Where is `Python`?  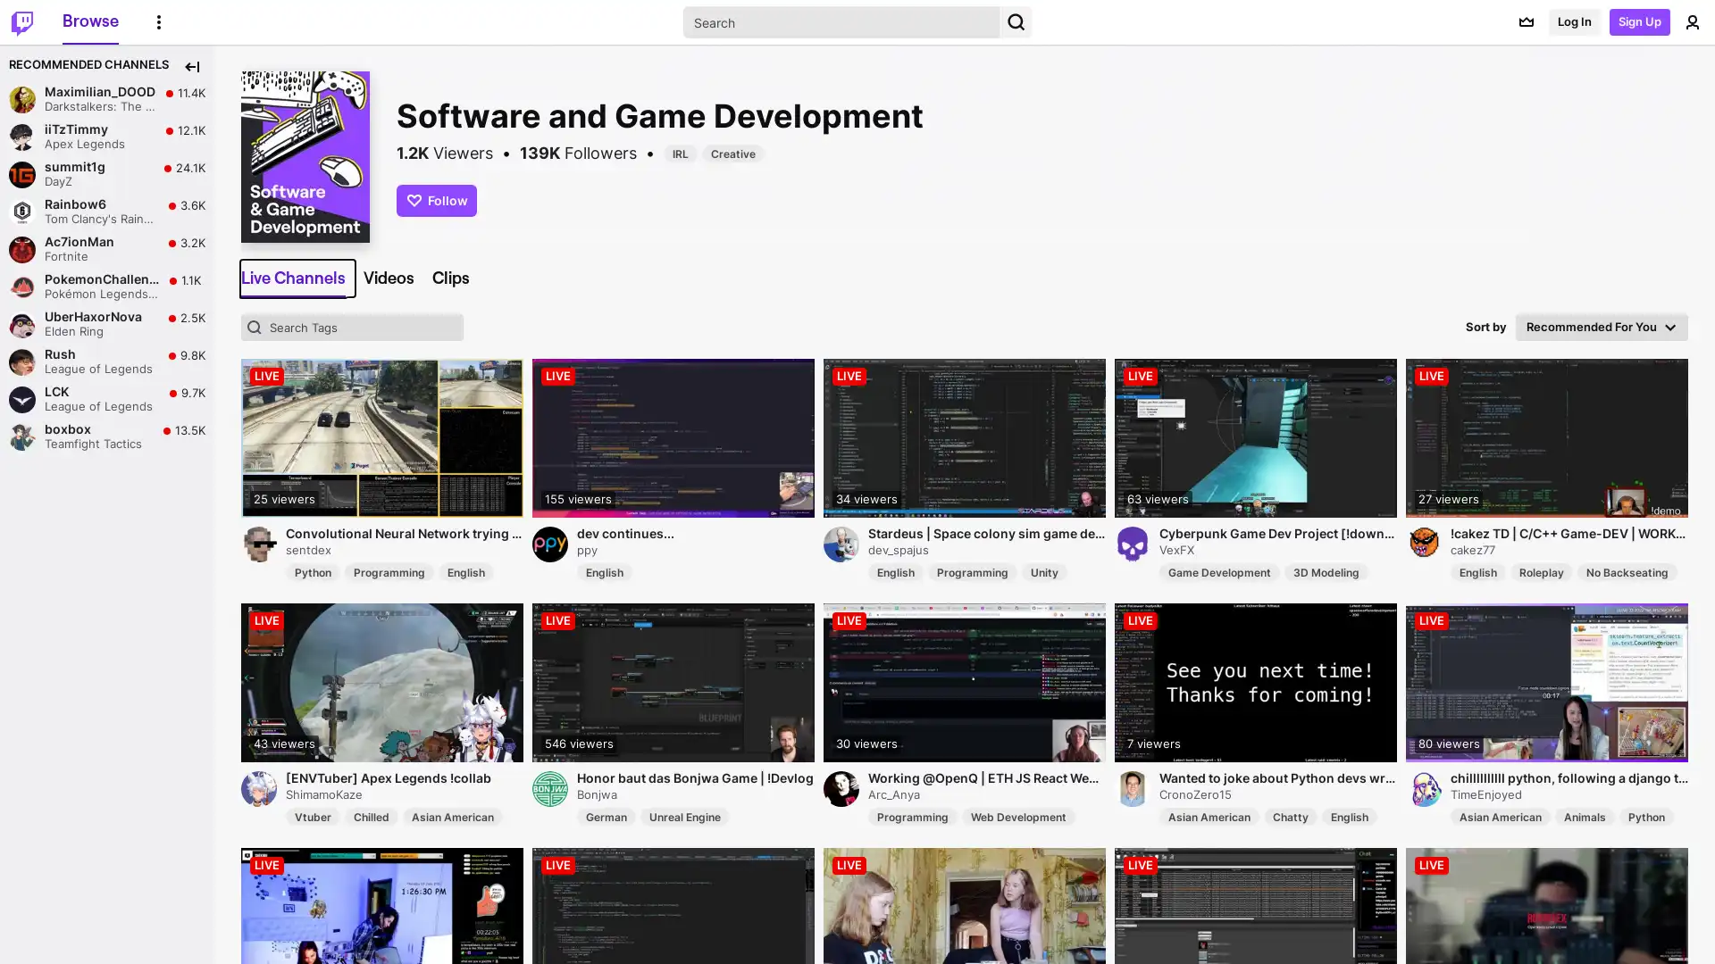 Python is located at coordinates (313, 571).